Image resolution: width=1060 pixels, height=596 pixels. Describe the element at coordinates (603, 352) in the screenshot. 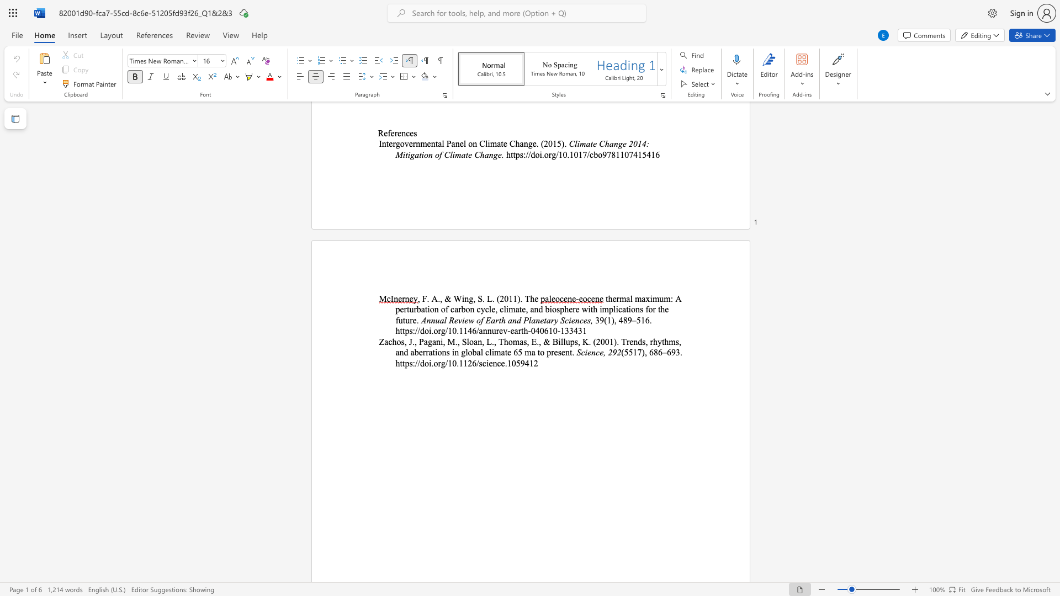

I see `the subset text ", 2" within the text "Science, 292"` at that location.